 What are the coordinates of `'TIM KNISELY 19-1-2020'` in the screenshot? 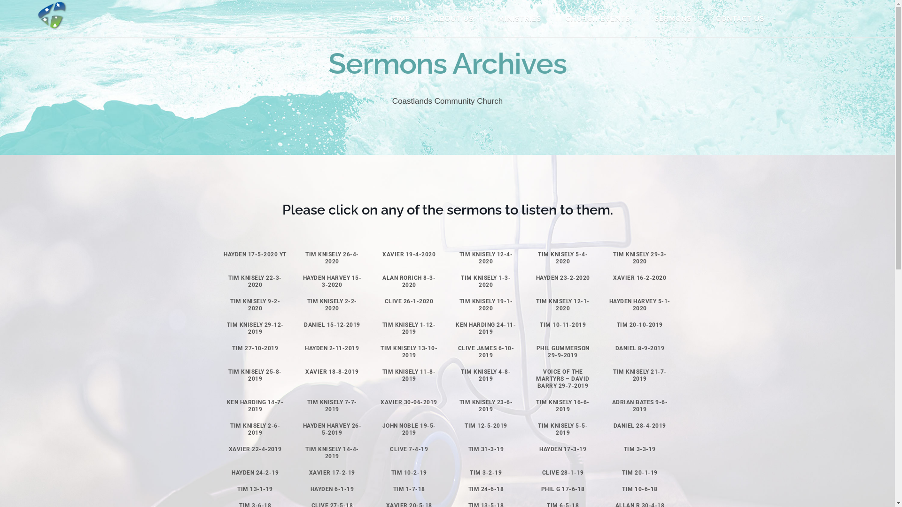 It's located at (486, 305).